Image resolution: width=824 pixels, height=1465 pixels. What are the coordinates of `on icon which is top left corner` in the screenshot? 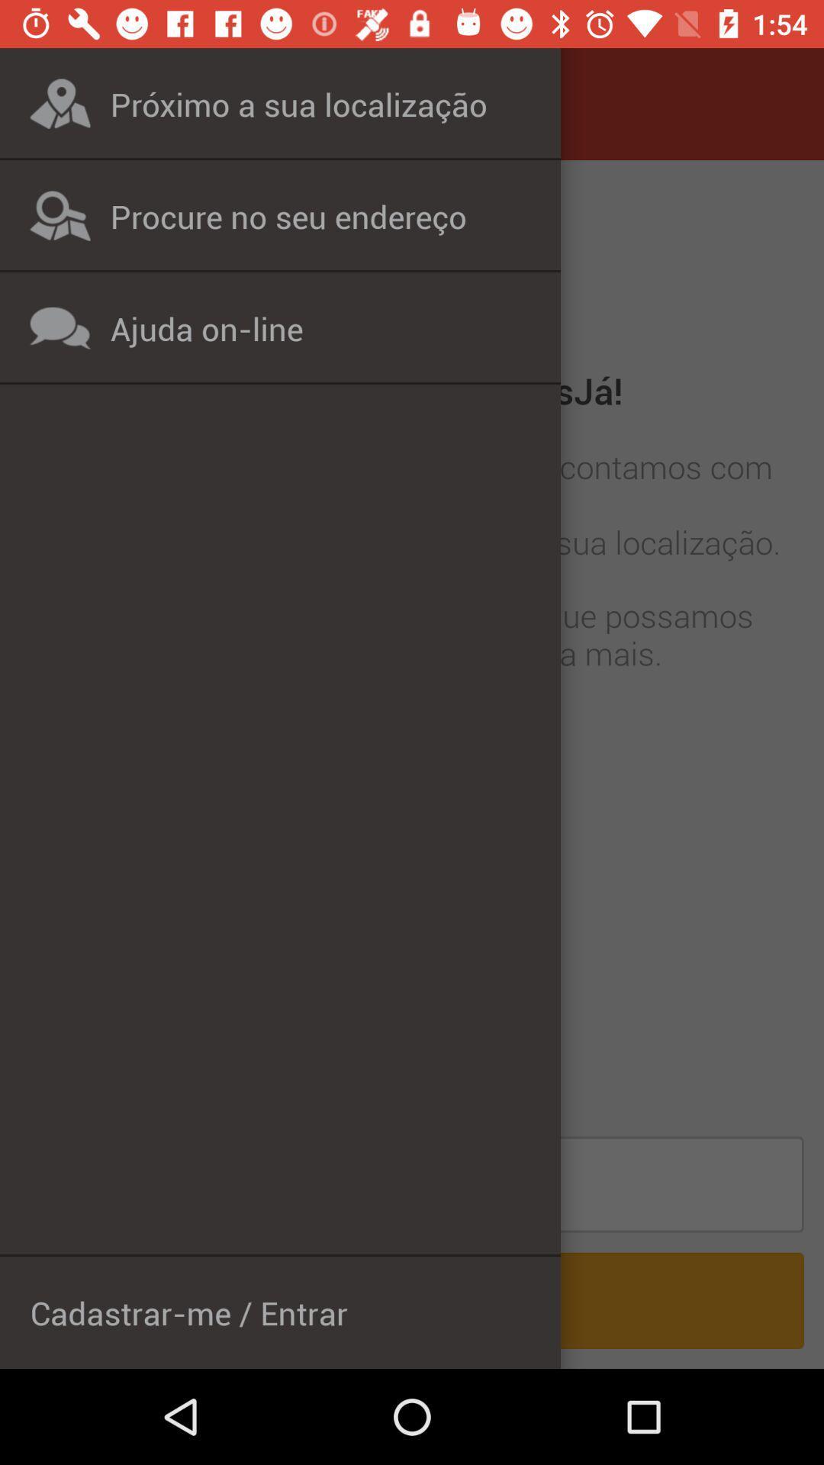 It's located at (60, 103).